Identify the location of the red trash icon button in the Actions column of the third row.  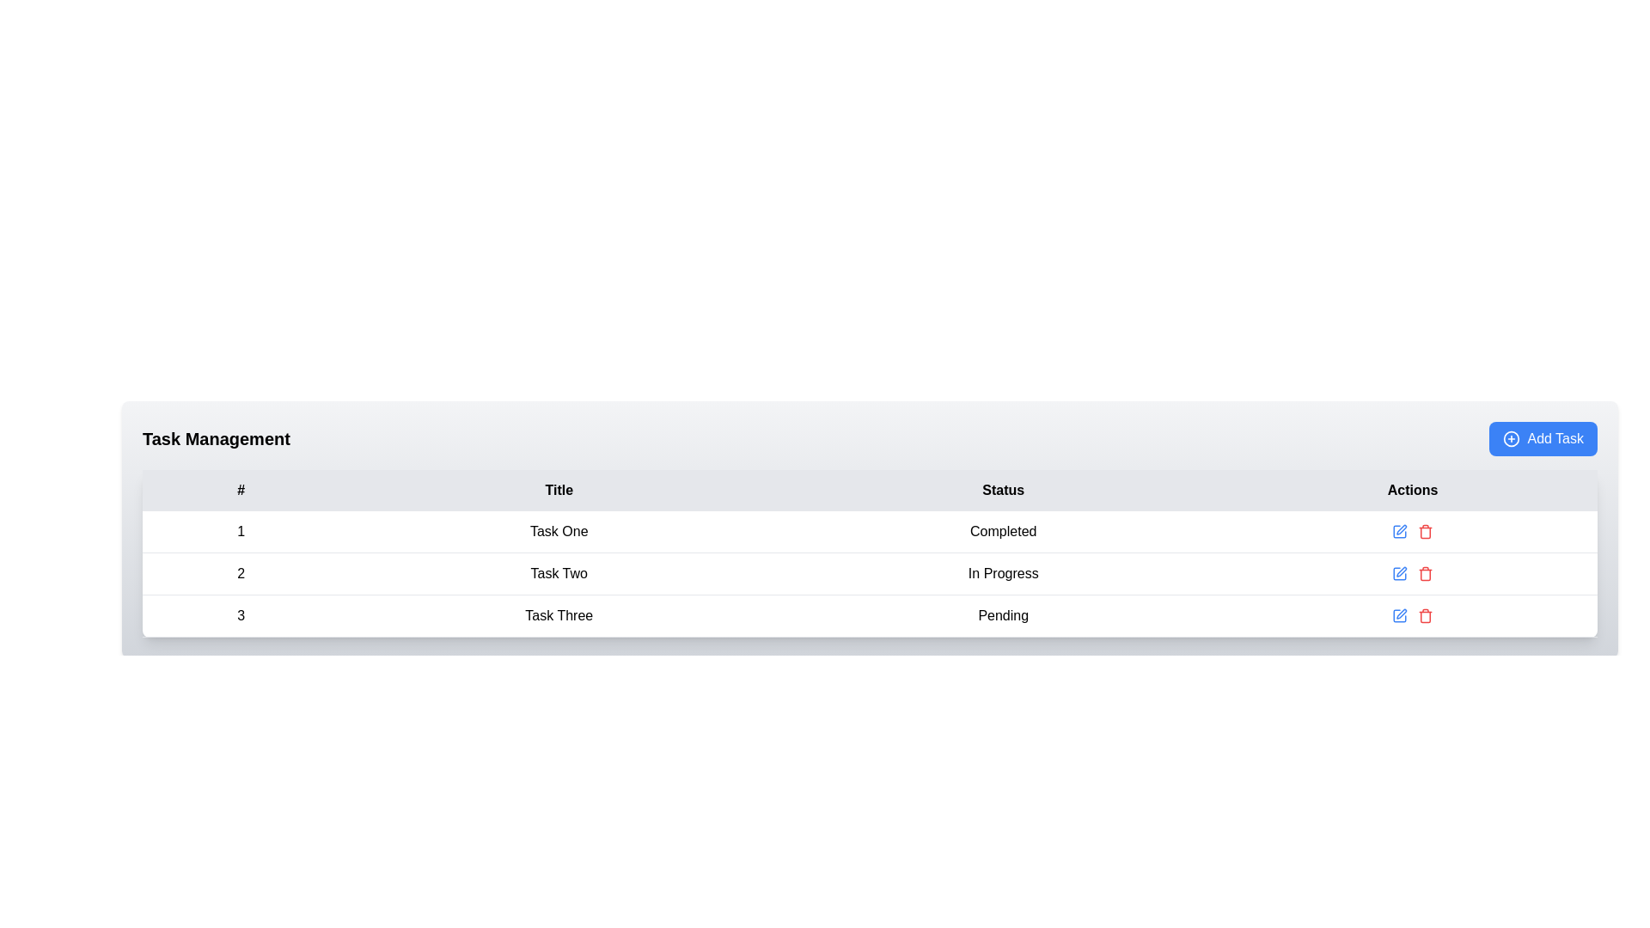
(1426, 615).